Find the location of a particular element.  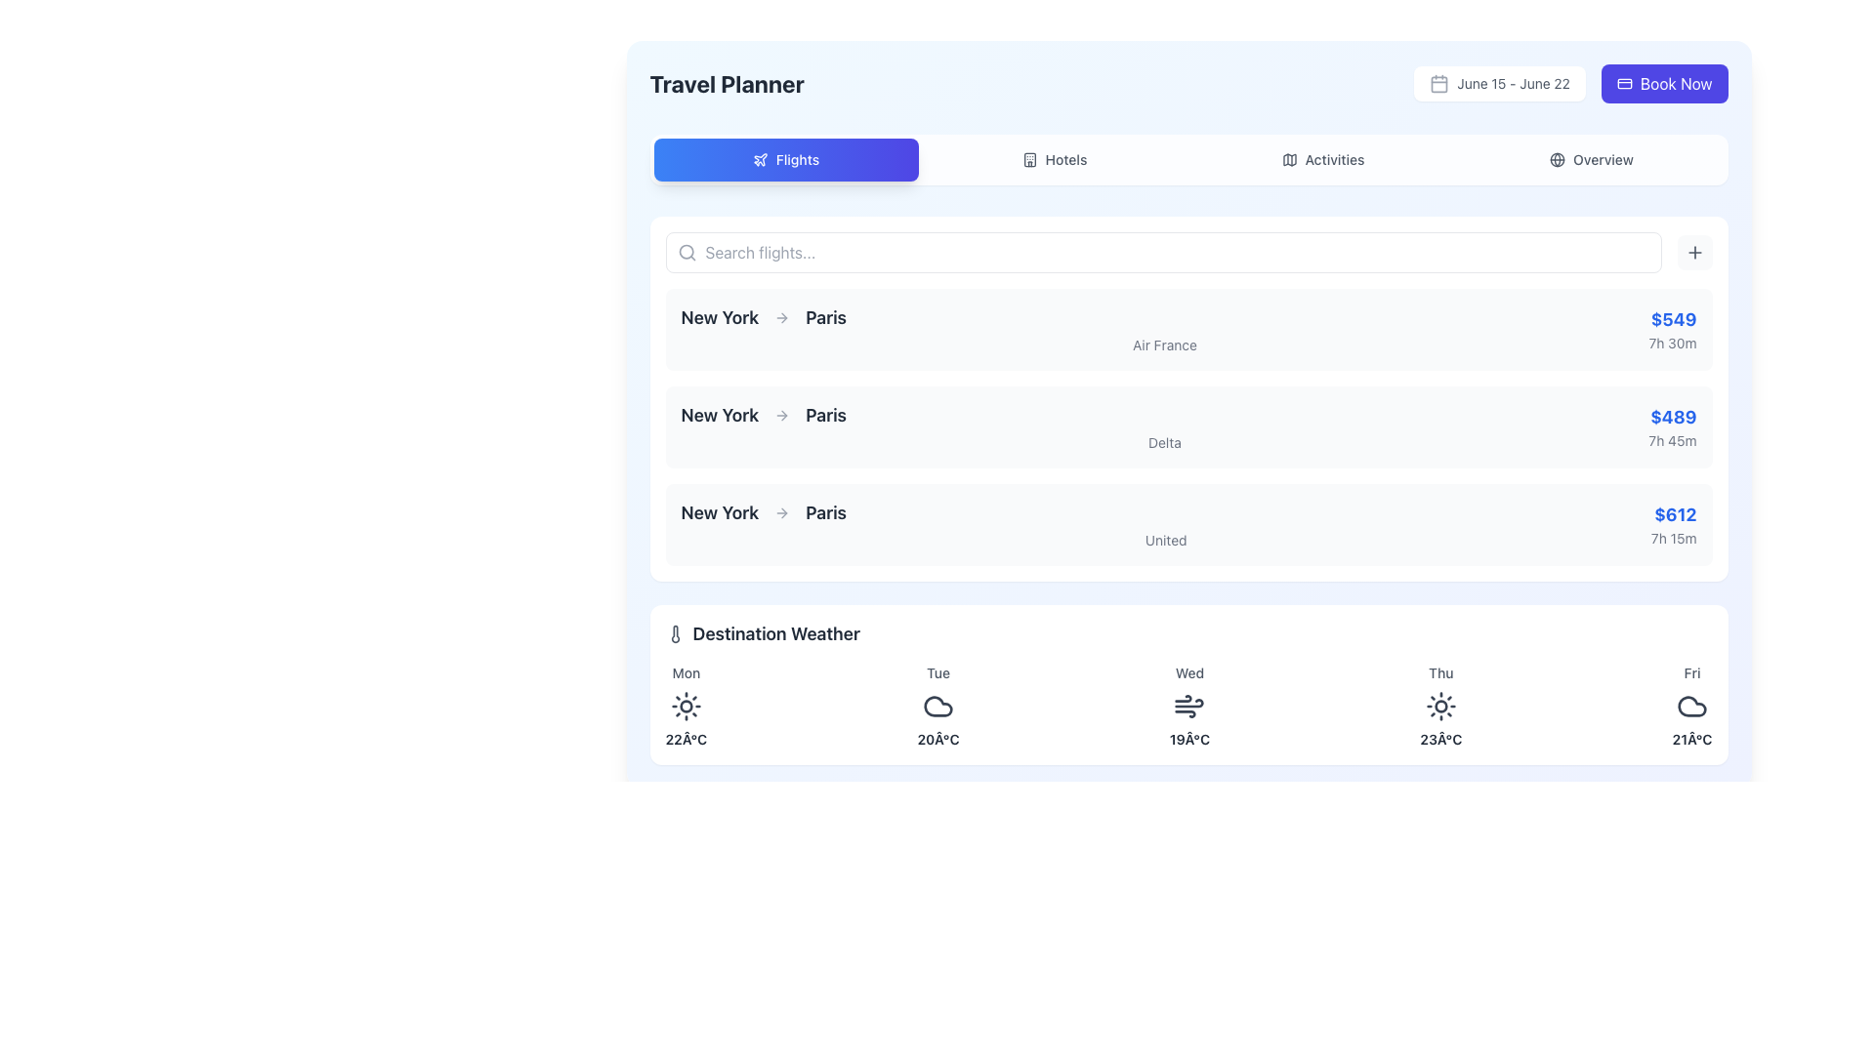

the cloud icon representing the weather condition for Friday, which is located below the 'Fri' label and above the '21°C' temperature in the 'Destination Weather' section is located at coordinates (1690, 707).